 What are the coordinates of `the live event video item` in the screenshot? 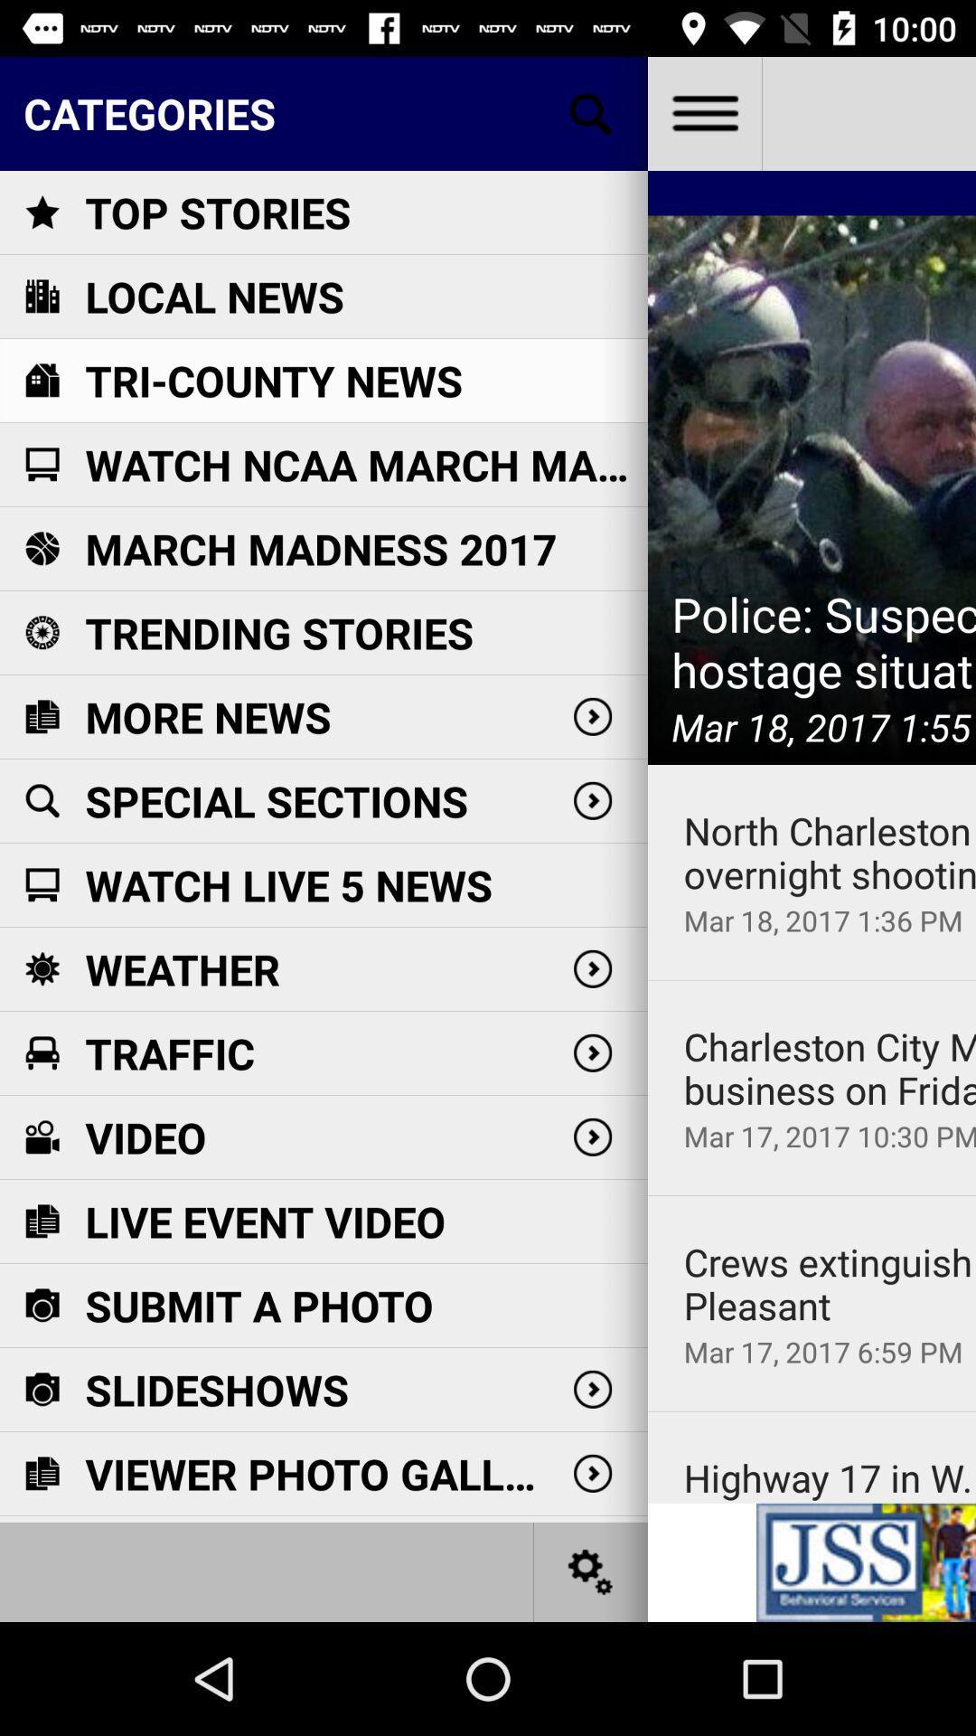 It's located at (265, 1222).